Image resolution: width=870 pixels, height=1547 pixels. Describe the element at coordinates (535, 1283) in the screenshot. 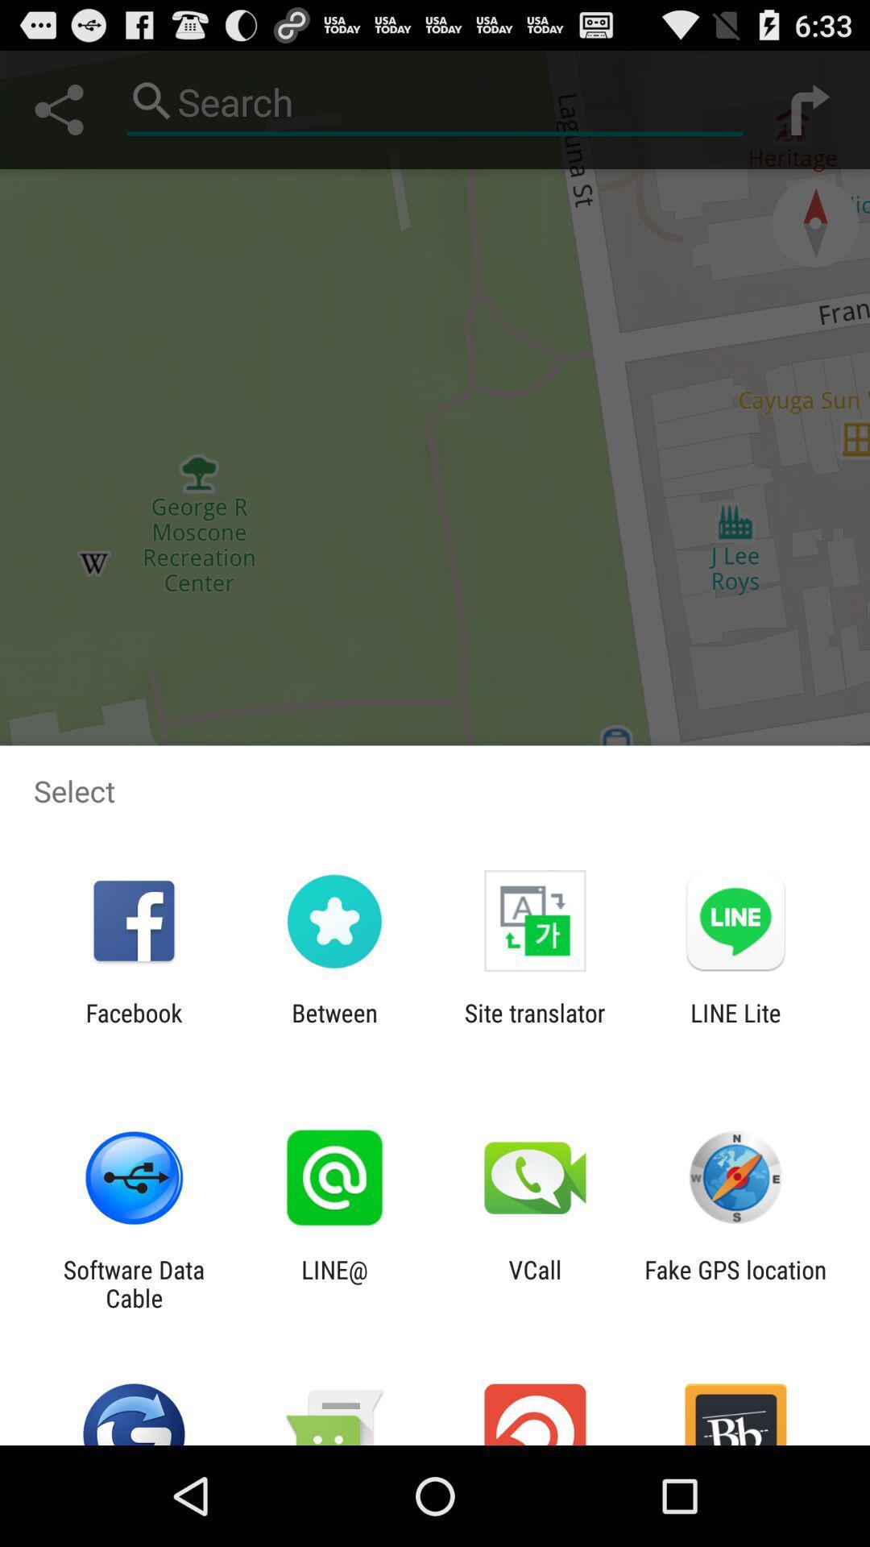

I see `app next to the fake gps location app` at that location.